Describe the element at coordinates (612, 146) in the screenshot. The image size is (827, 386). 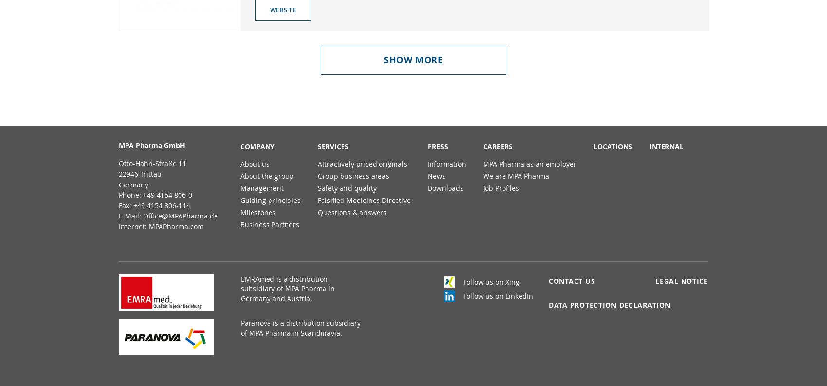
I see `'Locations'` at that location.